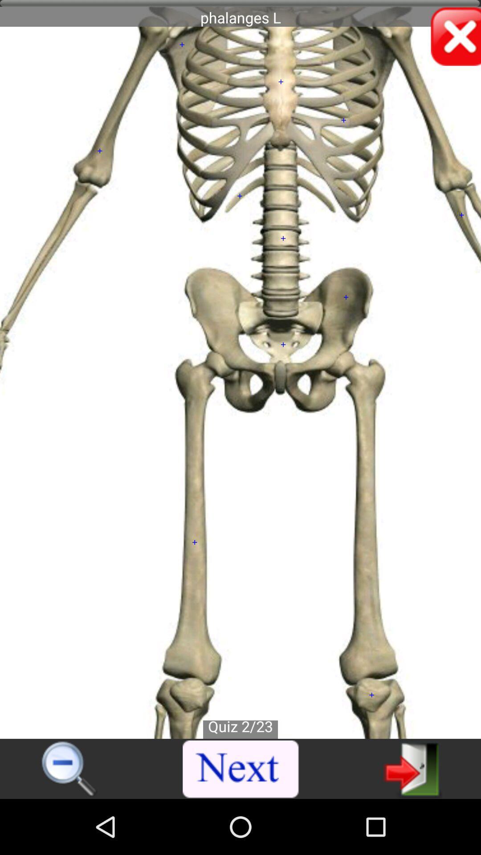 The height and width of the screenshot is (855, 481). What do you see at coordinates (241, 769) in the screenshot?
I see `next button` at bounding box center [241, 769].